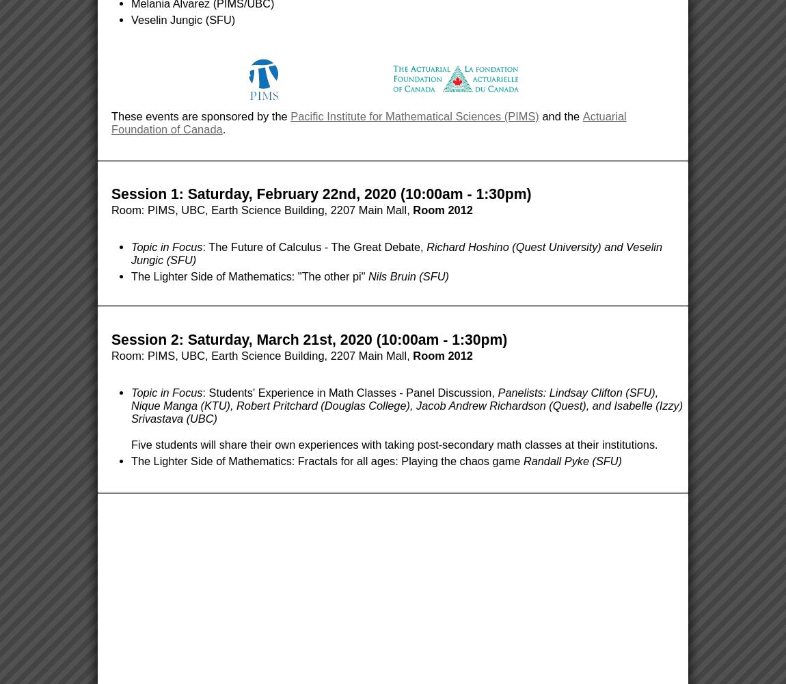 The width and height of the screenshot is (786, 684). What do you see at coordinates (414, 116) in the screenshot?
I see `'Pacific Institute for Mathematical Sciences (PIMS)'` at bounding box center [414, 116].